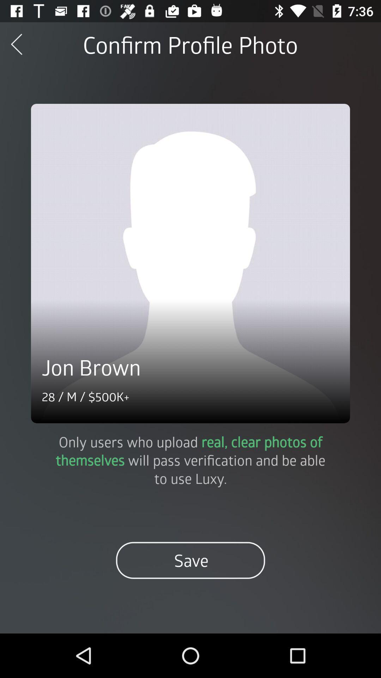 Image resolution: width=381 pixels, height=678 pixels. Describe the element at coordinates (190, 44) in the screenshot. I see `the confirm profile photo icon` at that location.